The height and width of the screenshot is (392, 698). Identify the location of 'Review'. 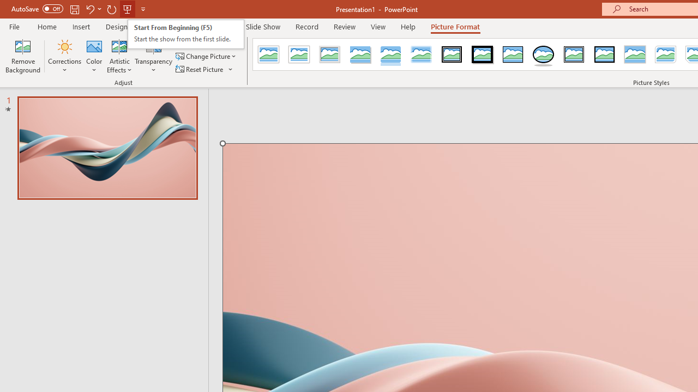
(344, 26).